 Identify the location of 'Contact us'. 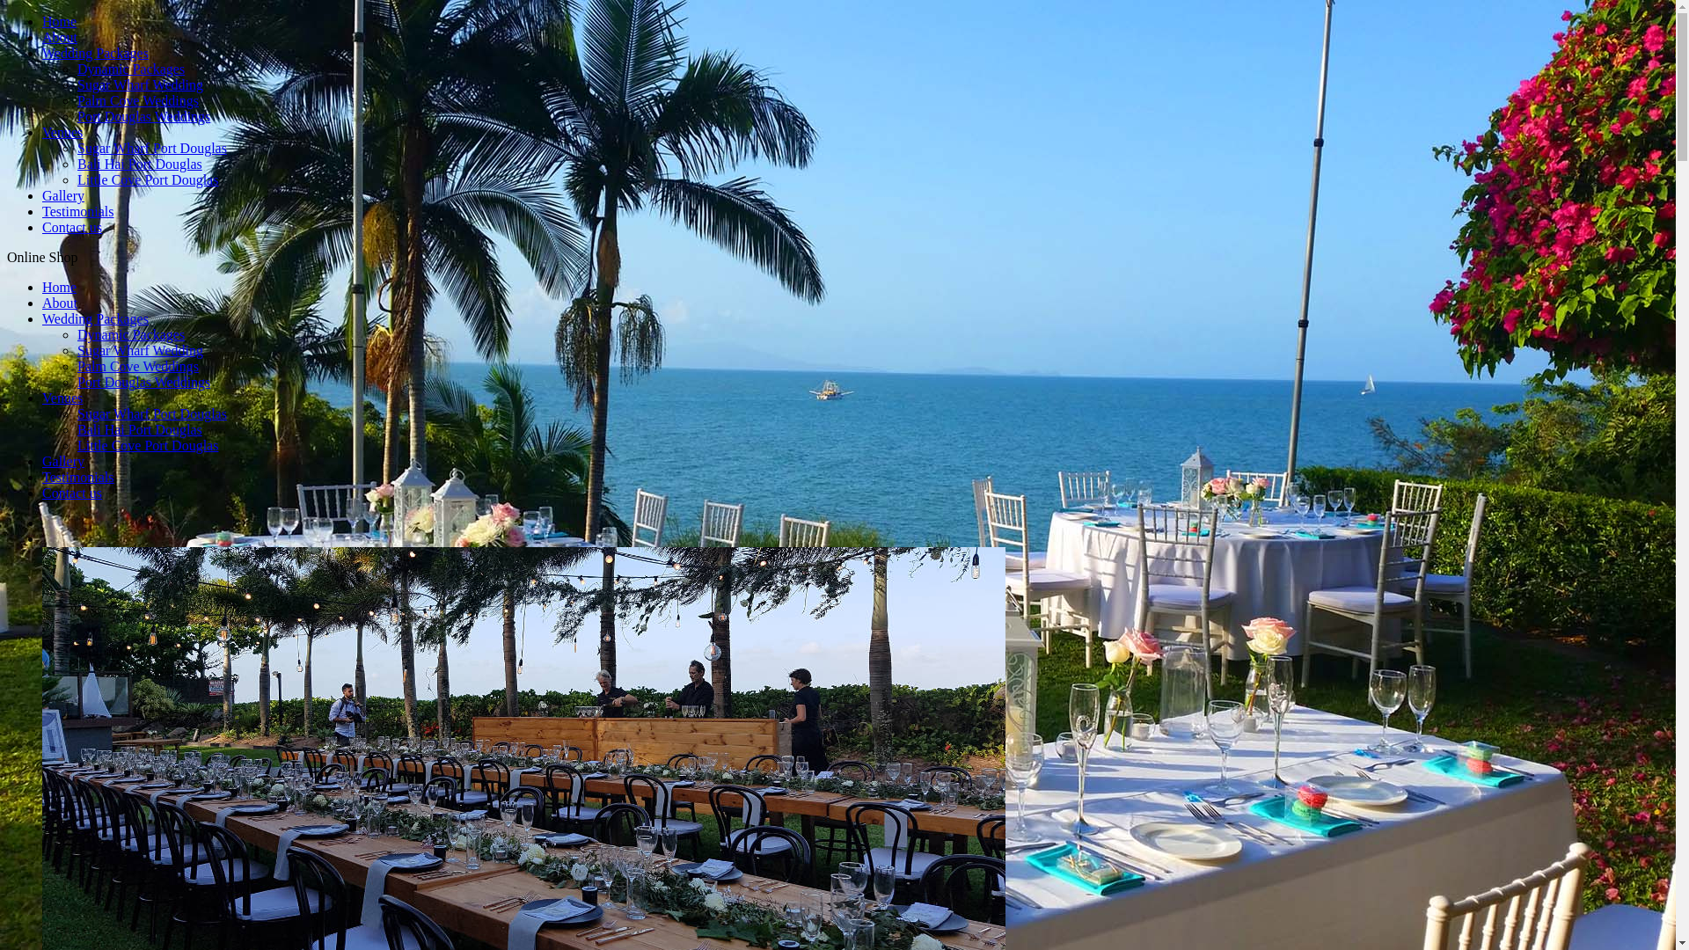
(70, 493).